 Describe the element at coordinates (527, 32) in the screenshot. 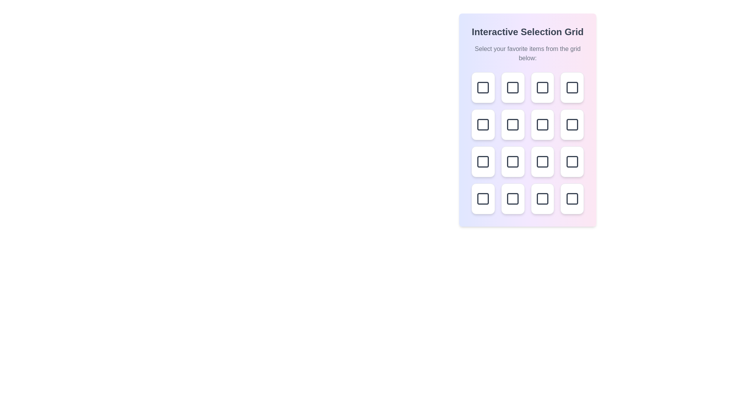

I see `the heading text element that introduces the content of the interactive selection grid to trigger any potential hover effects` at that location.